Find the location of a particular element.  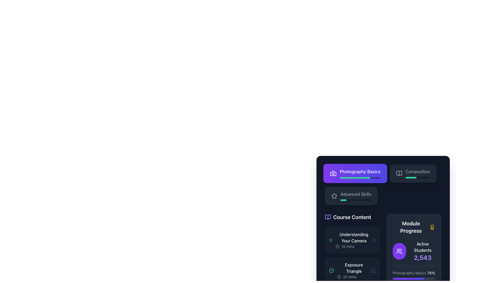

the static text label 'Understanding Your Camera', which serves as a title for a course or module, located in the upper section of the 'Course Content' area is located at coordinates (354, 237).